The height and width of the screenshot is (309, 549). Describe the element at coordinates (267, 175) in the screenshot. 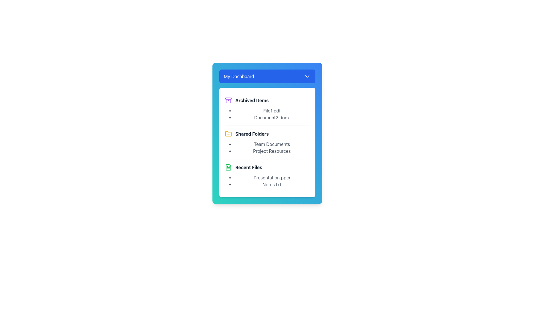

I see `the 'Recent Files' section which contains a bulleted list of items including 'Presentation.pptx' and 'Notes.txt'` at that location.